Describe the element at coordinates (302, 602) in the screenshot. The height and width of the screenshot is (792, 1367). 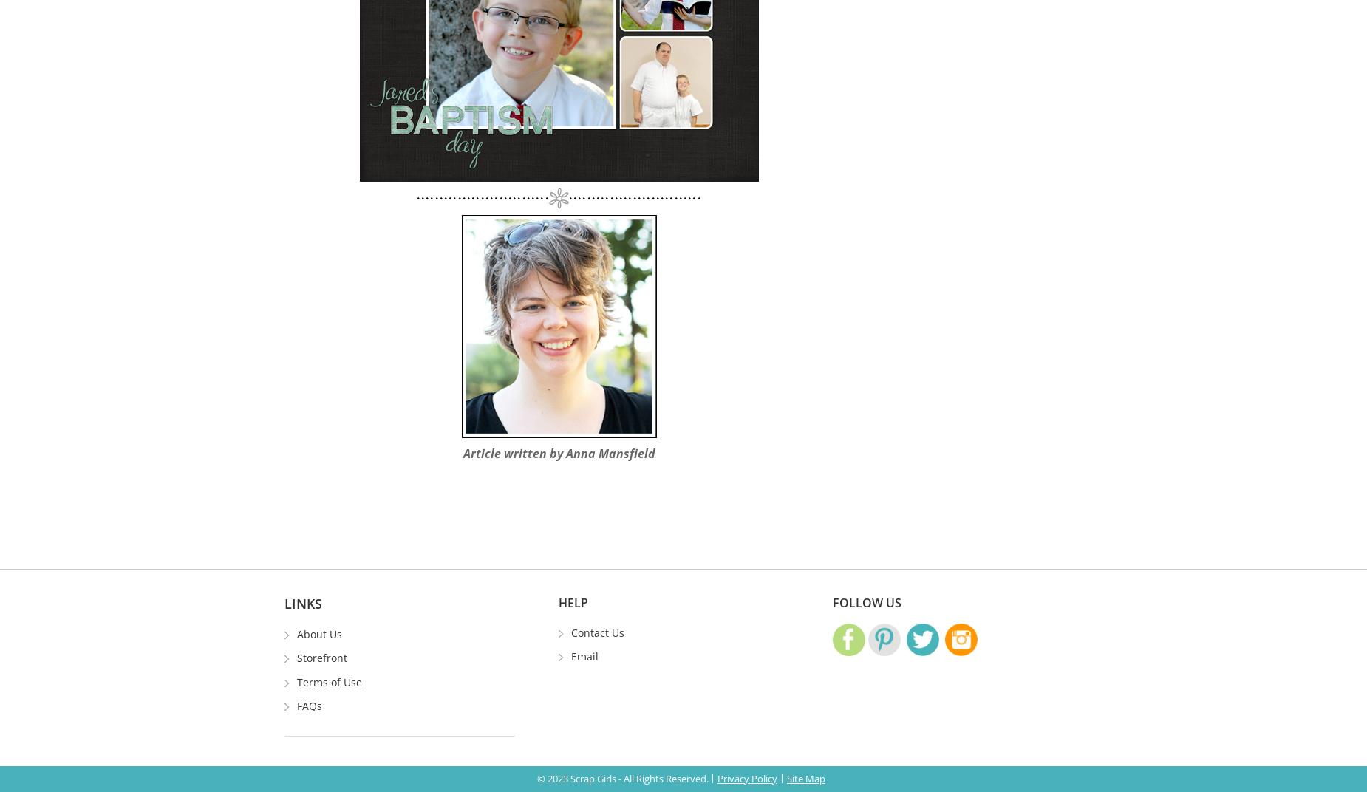
I see `'Links'` at that location.